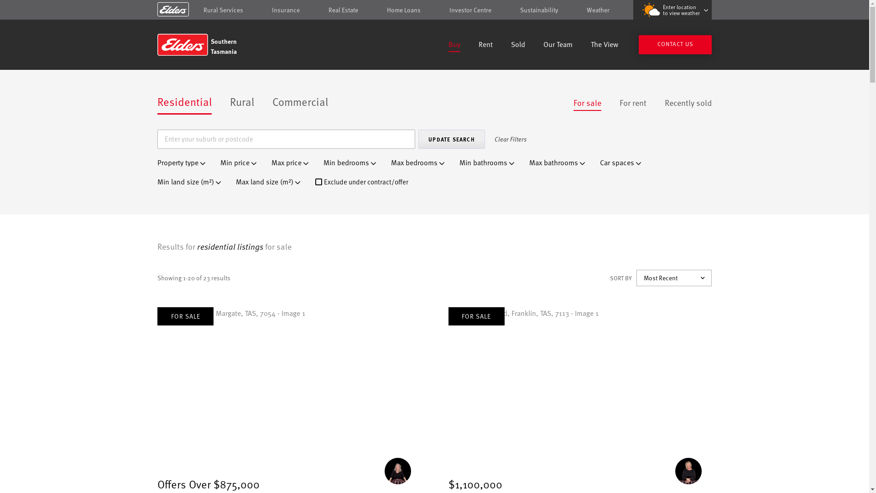 The image size is (876, 493). Describe the element at coordinates (452, 139) in the screenshot. I see `'Update Search'` at that location.